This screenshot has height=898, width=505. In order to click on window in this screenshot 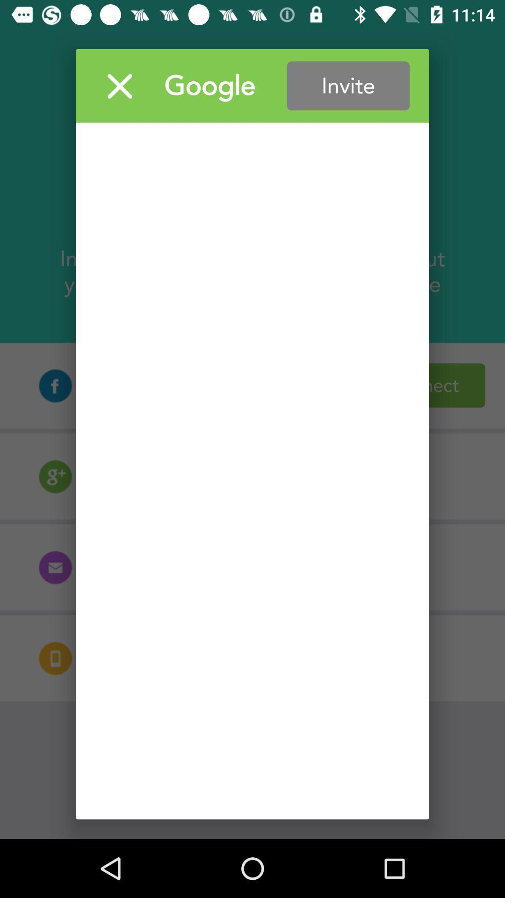, I will do `click(119, 86)`.